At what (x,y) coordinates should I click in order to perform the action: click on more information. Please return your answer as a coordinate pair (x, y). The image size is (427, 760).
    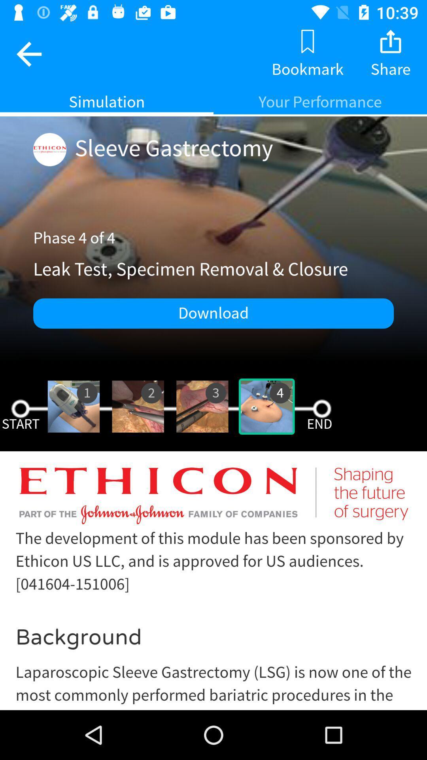
    Looking at the image, I should click on (213, 587).